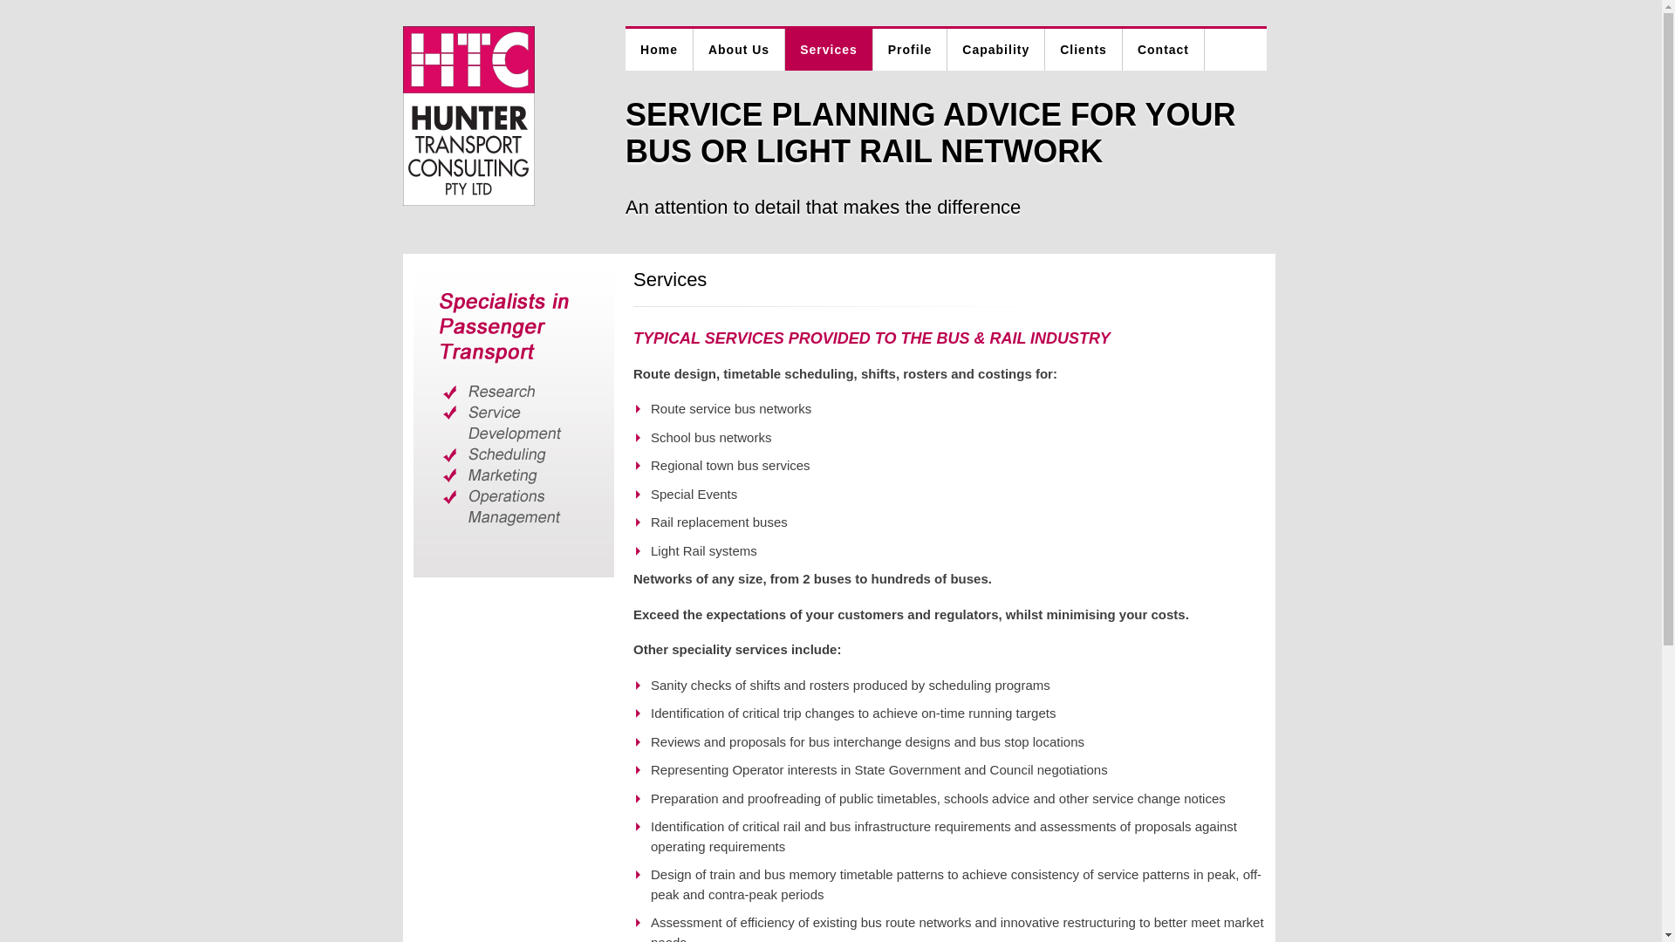 This screenshot has width=1675, height=942. What do you see at coordinates (996, 49) in the screenshot?
I see `'Capability'` at bounding box center [996, 49].